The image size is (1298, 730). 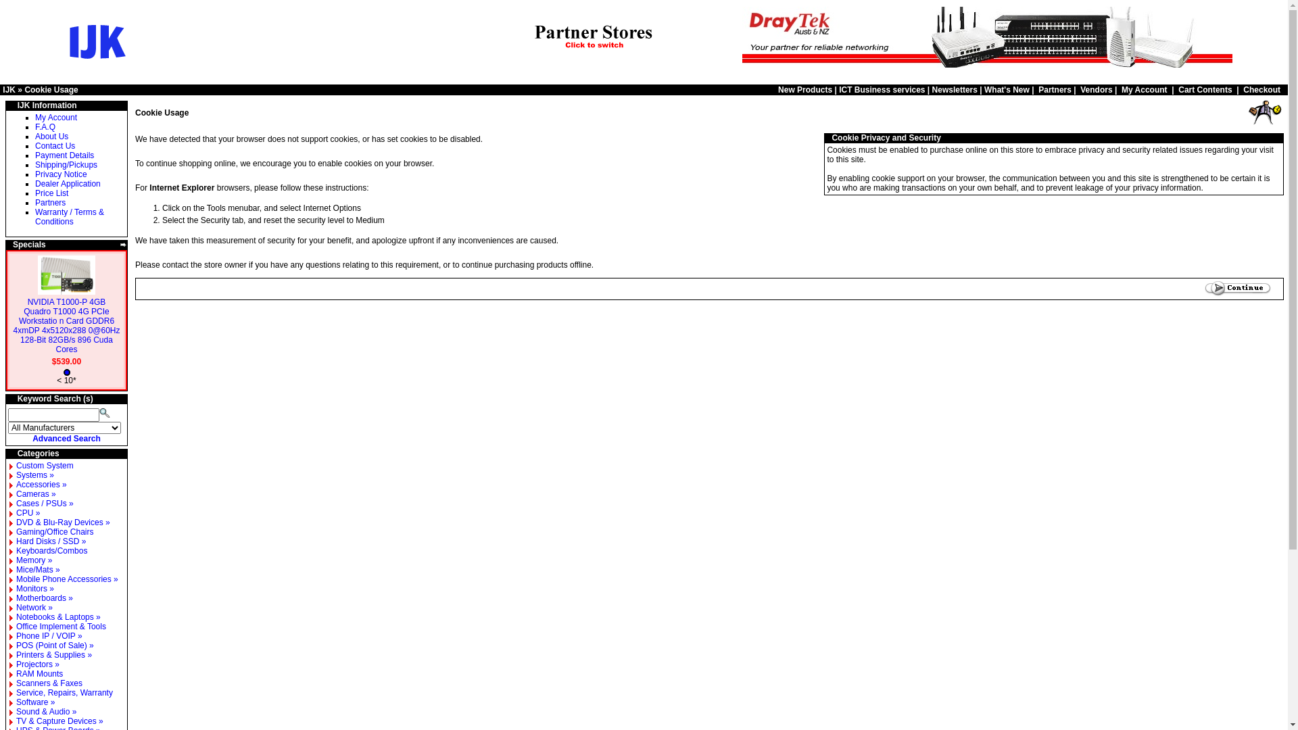 What do you see at coordinates (51, 136) in the screenshot?
I see `'About Us'` at bounding box center [51, 136].